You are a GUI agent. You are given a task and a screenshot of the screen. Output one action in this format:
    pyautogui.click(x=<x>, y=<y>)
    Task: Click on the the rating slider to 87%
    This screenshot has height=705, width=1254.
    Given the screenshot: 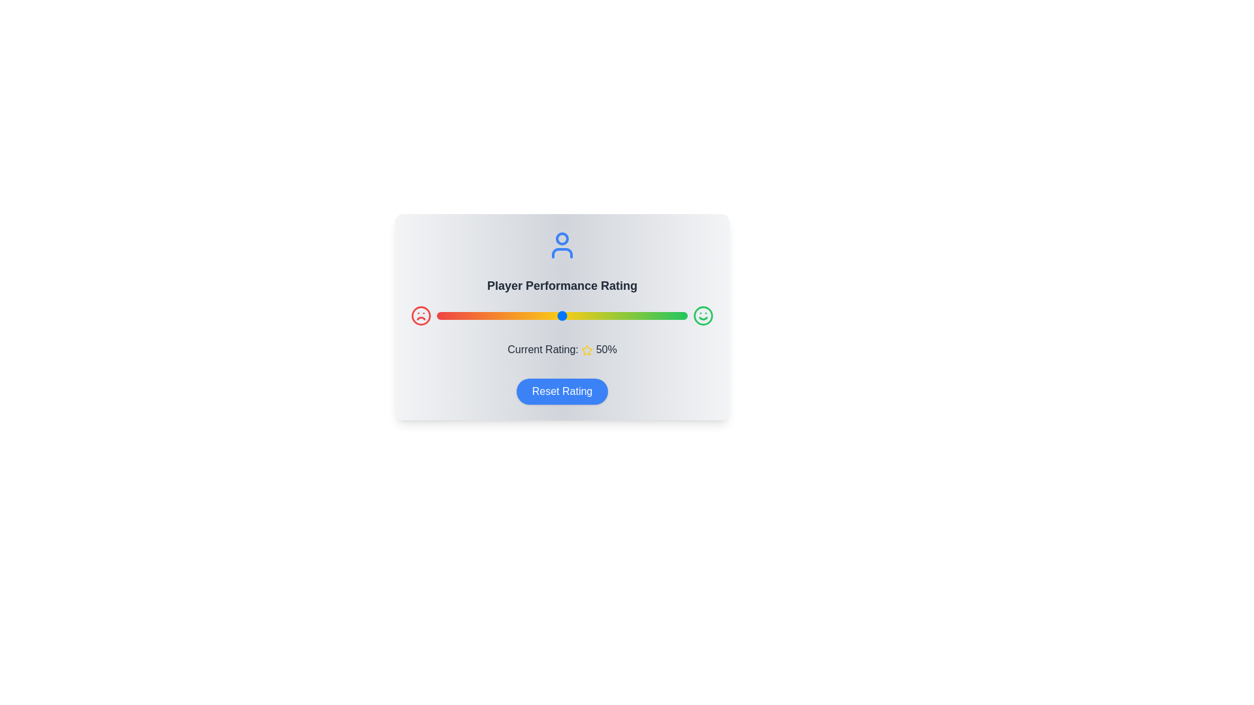 What is the action you would take?
    pyautogui.click(x=655, y=315)
    